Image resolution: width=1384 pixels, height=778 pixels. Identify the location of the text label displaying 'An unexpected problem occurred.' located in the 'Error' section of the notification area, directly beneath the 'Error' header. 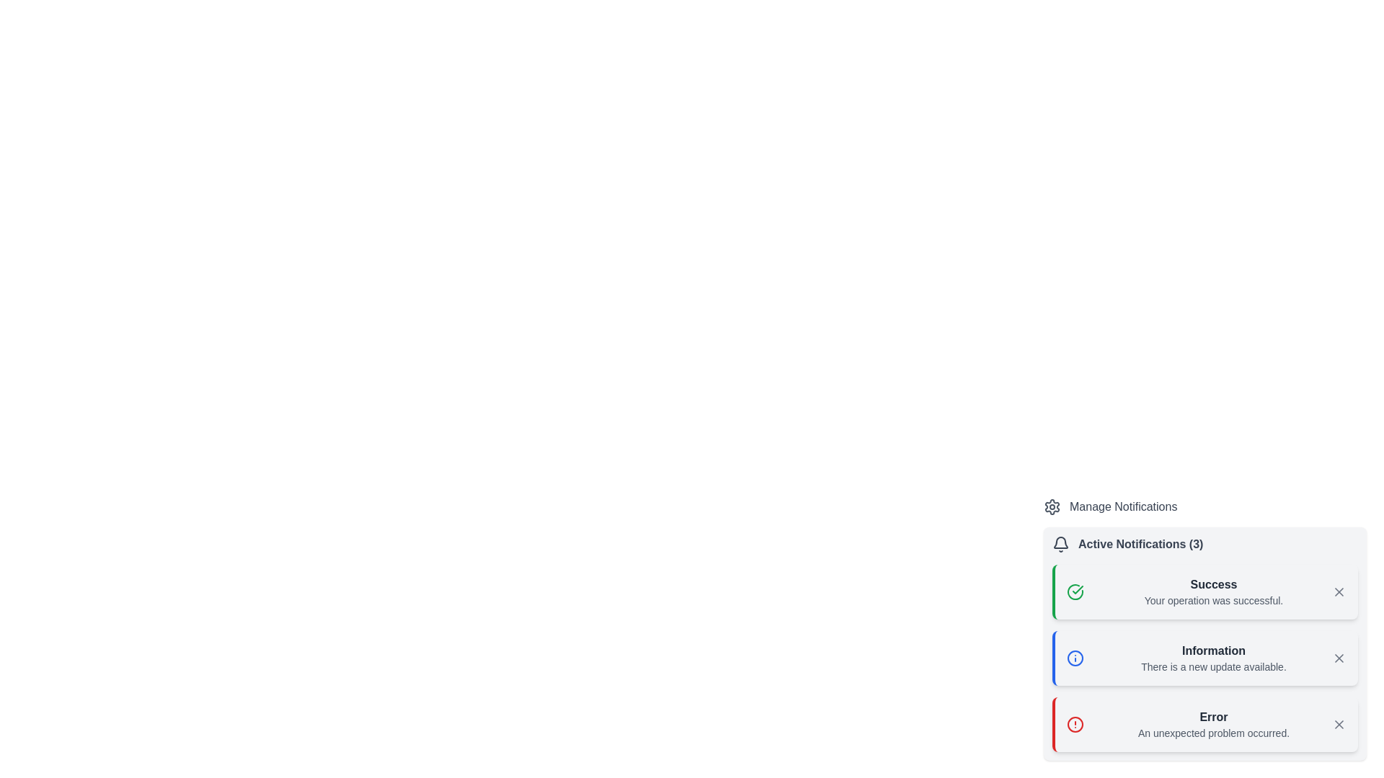
(1213, 733).